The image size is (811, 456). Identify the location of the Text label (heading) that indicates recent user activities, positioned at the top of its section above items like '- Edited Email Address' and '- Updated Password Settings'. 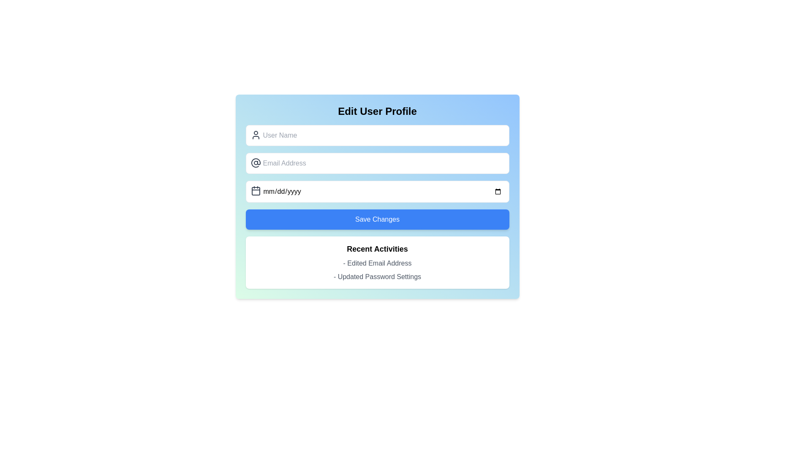
(377, 249).